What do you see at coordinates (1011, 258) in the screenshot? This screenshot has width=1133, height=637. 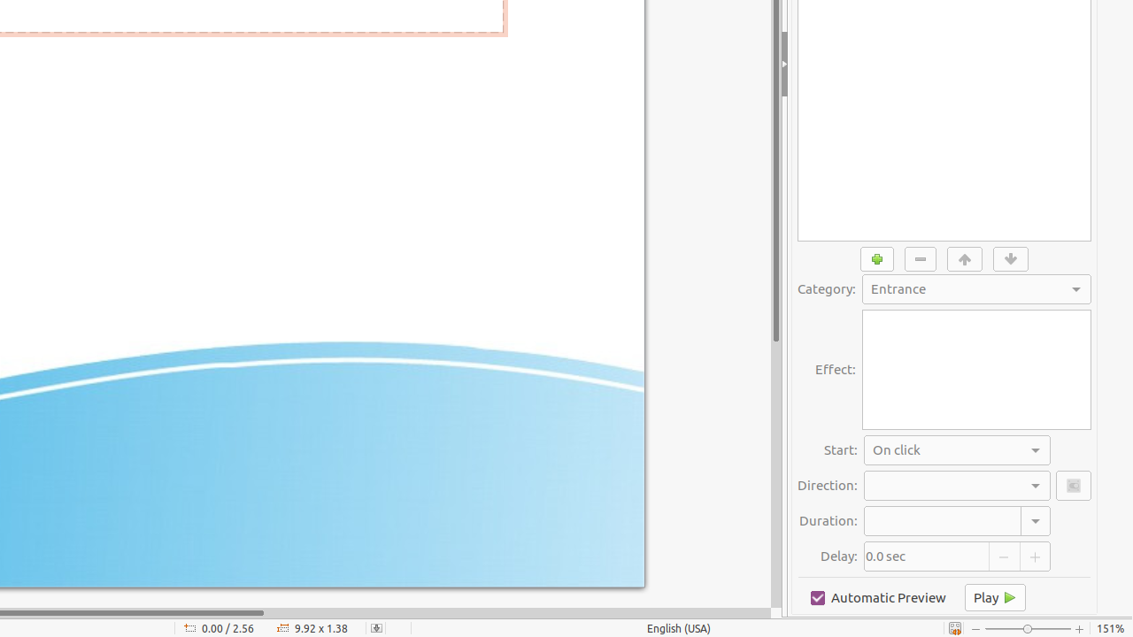 I see `'Move Down'` at bounding box center [1011, 258].